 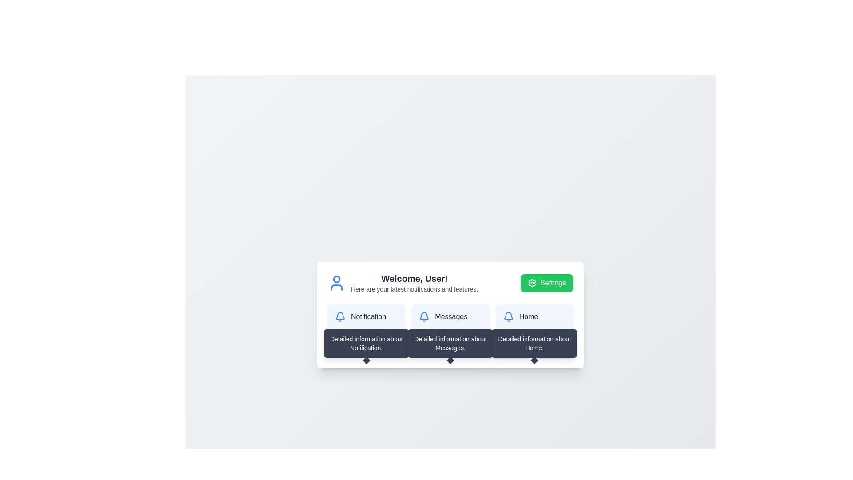 I want to click on the blue bell icon labeled 'Messages' located, so click(x=450, y=316).